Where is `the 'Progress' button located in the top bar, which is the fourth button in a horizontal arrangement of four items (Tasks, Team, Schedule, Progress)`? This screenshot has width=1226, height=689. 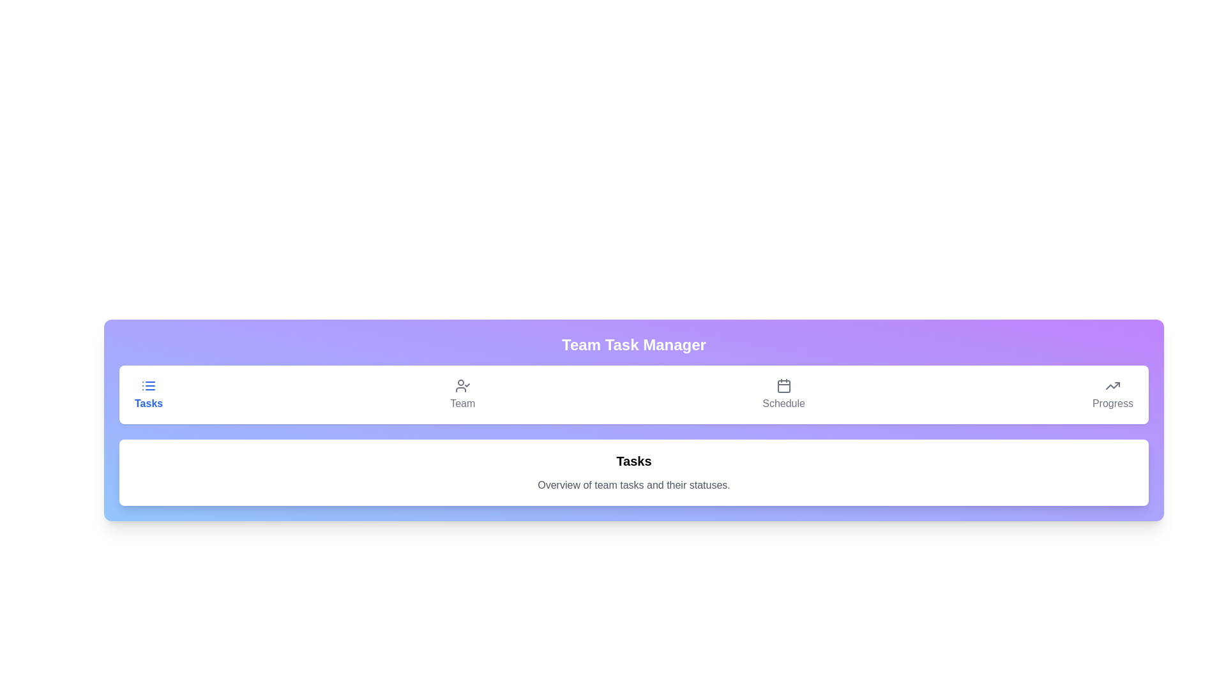 the 'Progress' button located in the top bar, which is the fourth button in a horizontal arrangement of four items (Tasks, Team, Schedule, Progress) is located at coordinates (1112, 394).